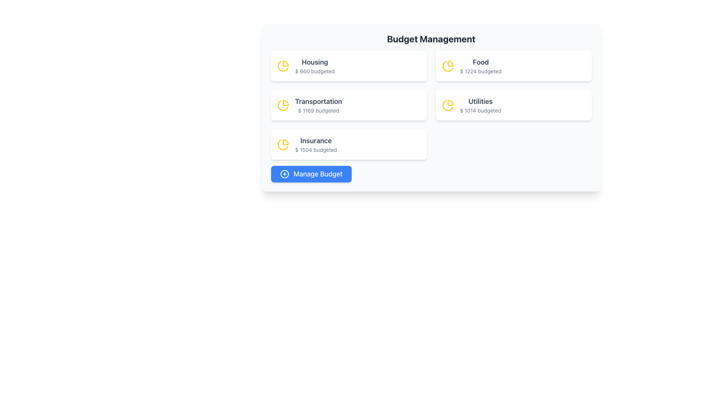 The height and width of the screenshot is (408, 726). I want to click on the Static text label that identifies the 'Transportation' category in the budget management context, located in the leftmost position of the second row of a grid layout, so click(318, 101).